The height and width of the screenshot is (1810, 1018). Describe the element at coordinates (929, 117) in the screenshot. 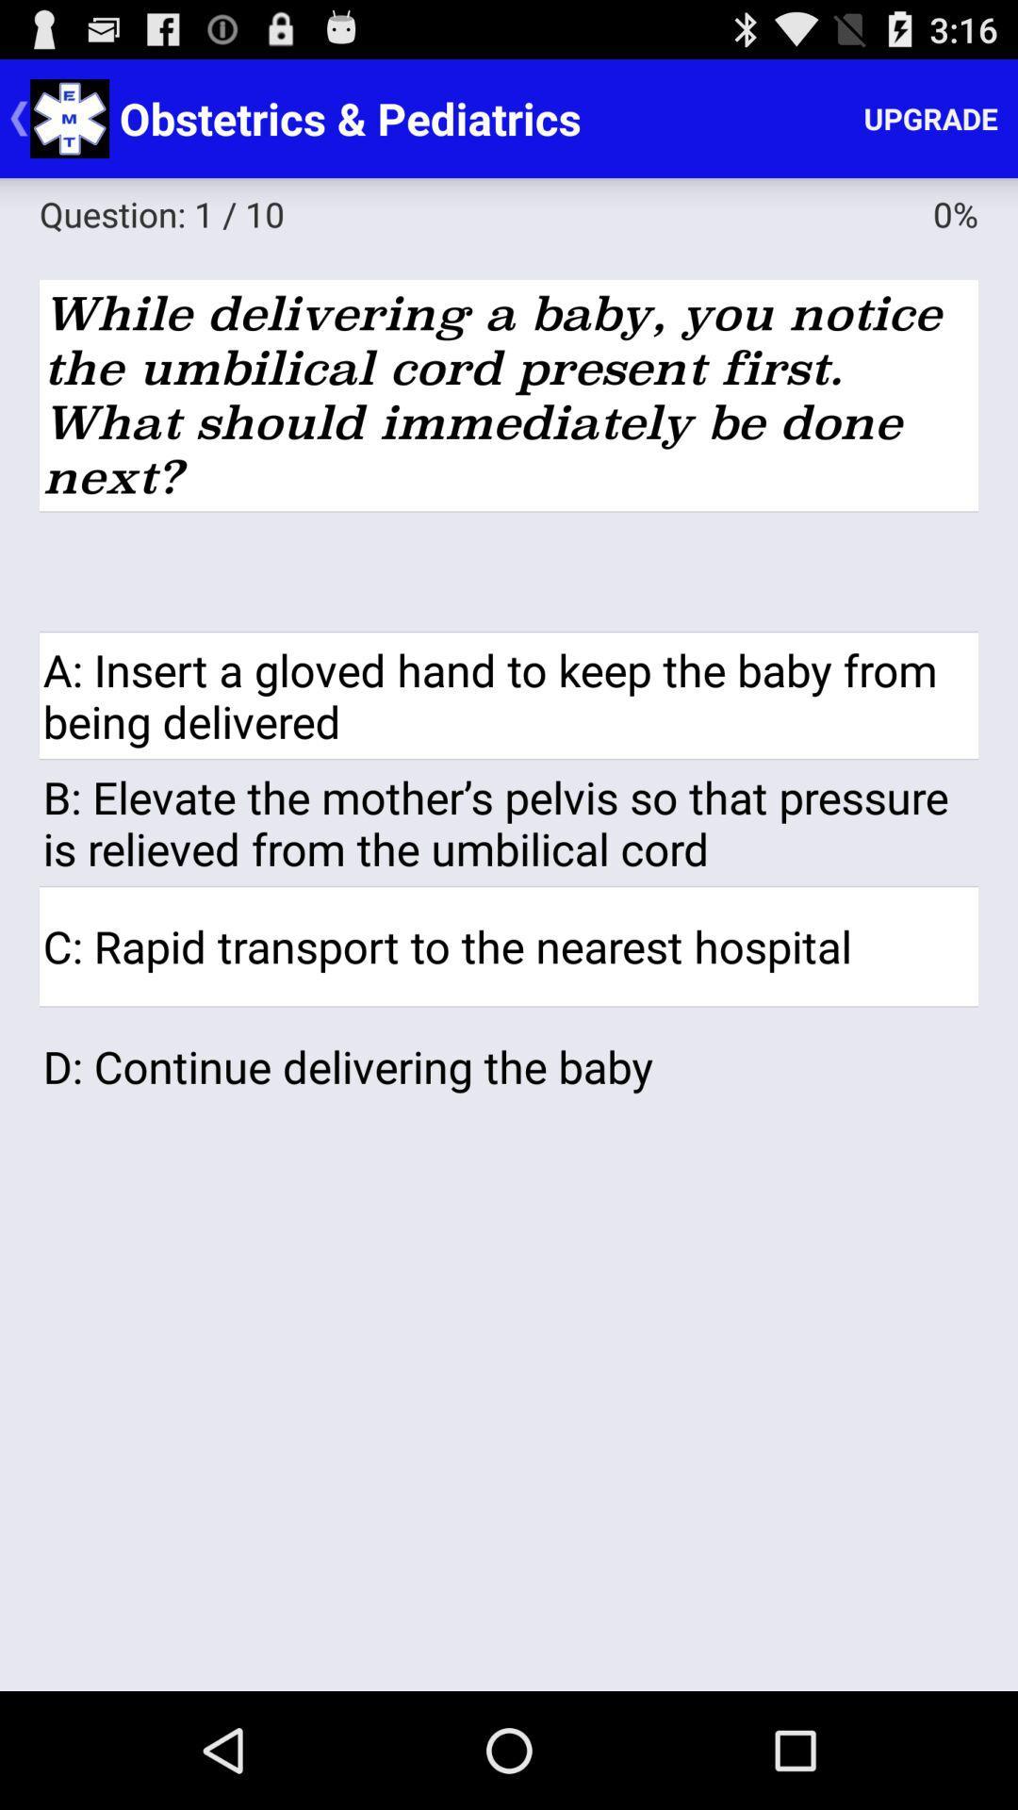

I see `upgrade` at that location.